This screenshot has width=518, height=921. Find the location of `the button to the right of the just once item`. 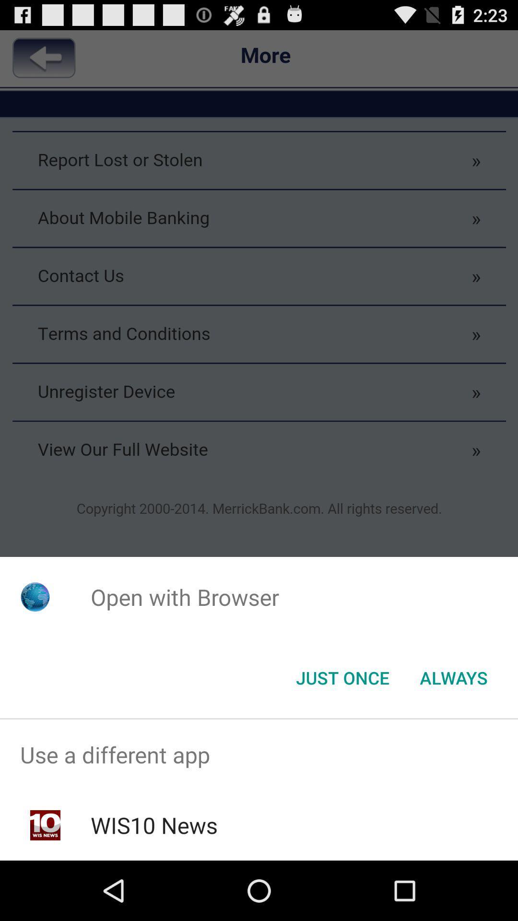

the button to the right of the just once item is located at coordinates (453, 677).